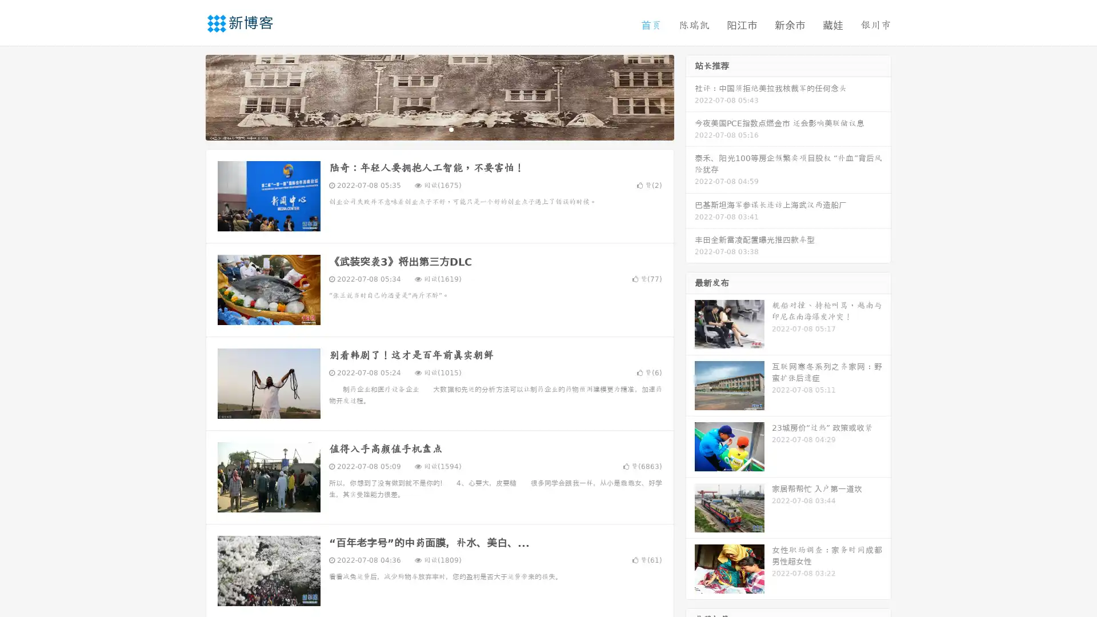  What do you see at coordinates (427, 129) in the screenshot?
I see `Go to slide 1` at bounding box center [427, 129].